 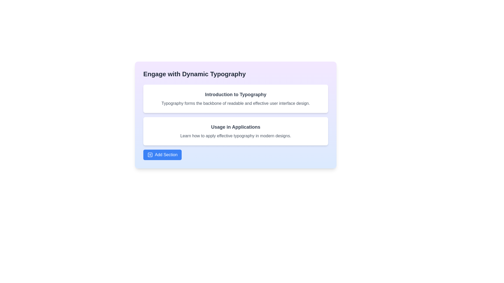 I want to click on the heading text that reads 'Introduction to Typography', so click(x=235, y=95).